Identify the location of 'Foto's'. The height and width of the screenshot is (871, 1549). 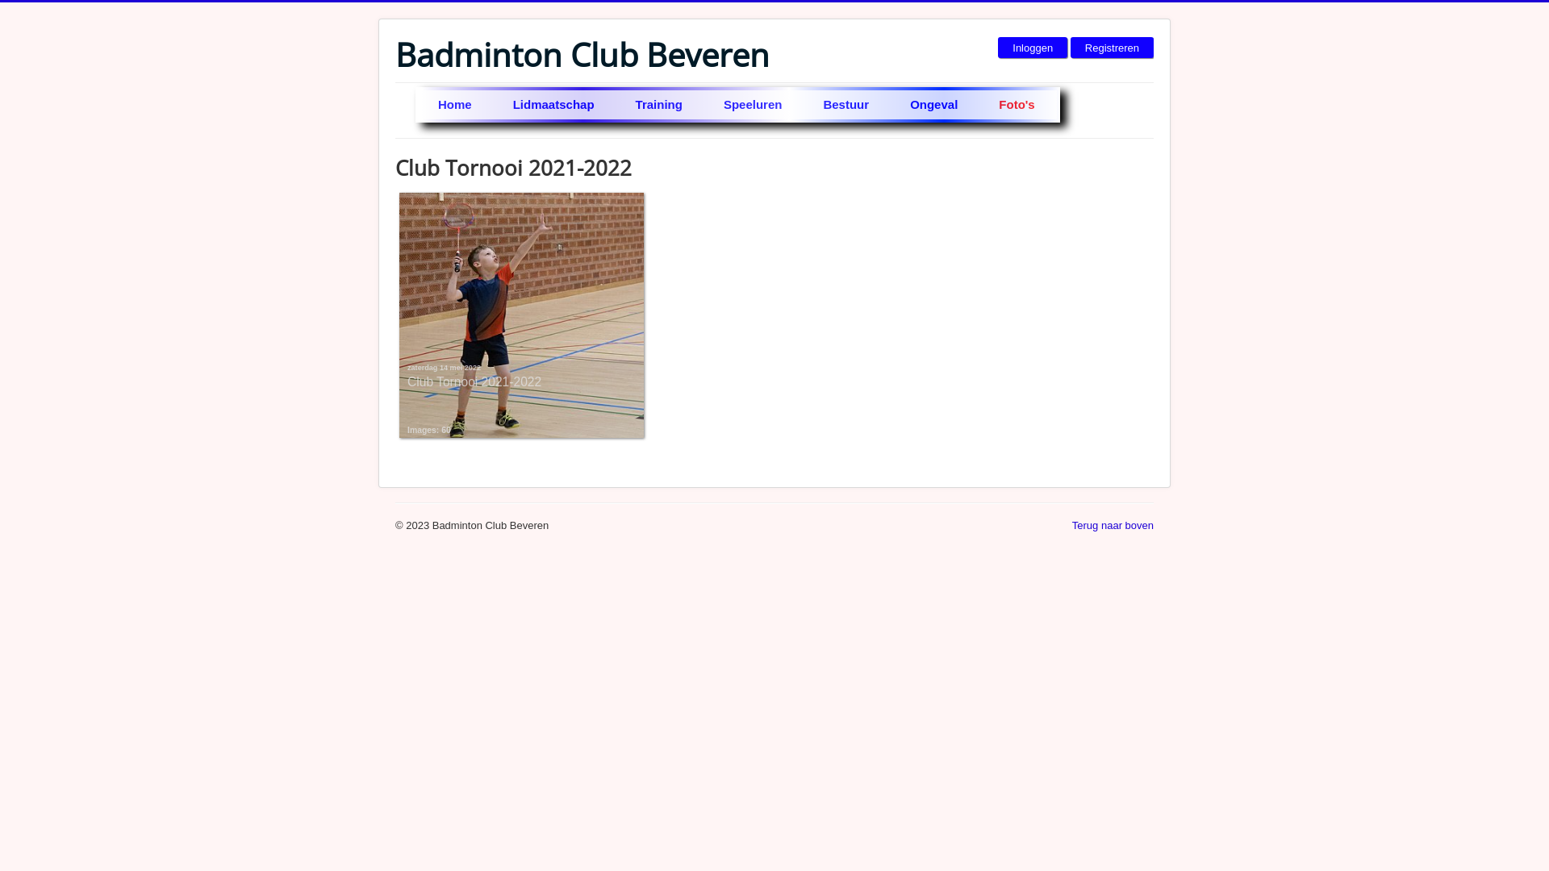
(1017, 105).